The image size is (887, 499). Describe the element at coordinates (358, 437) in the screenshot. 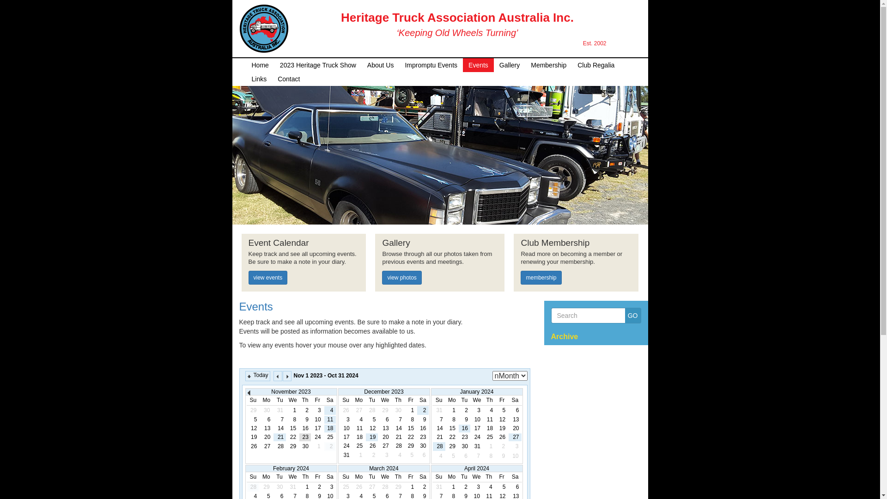

I see `'18'` at that location.